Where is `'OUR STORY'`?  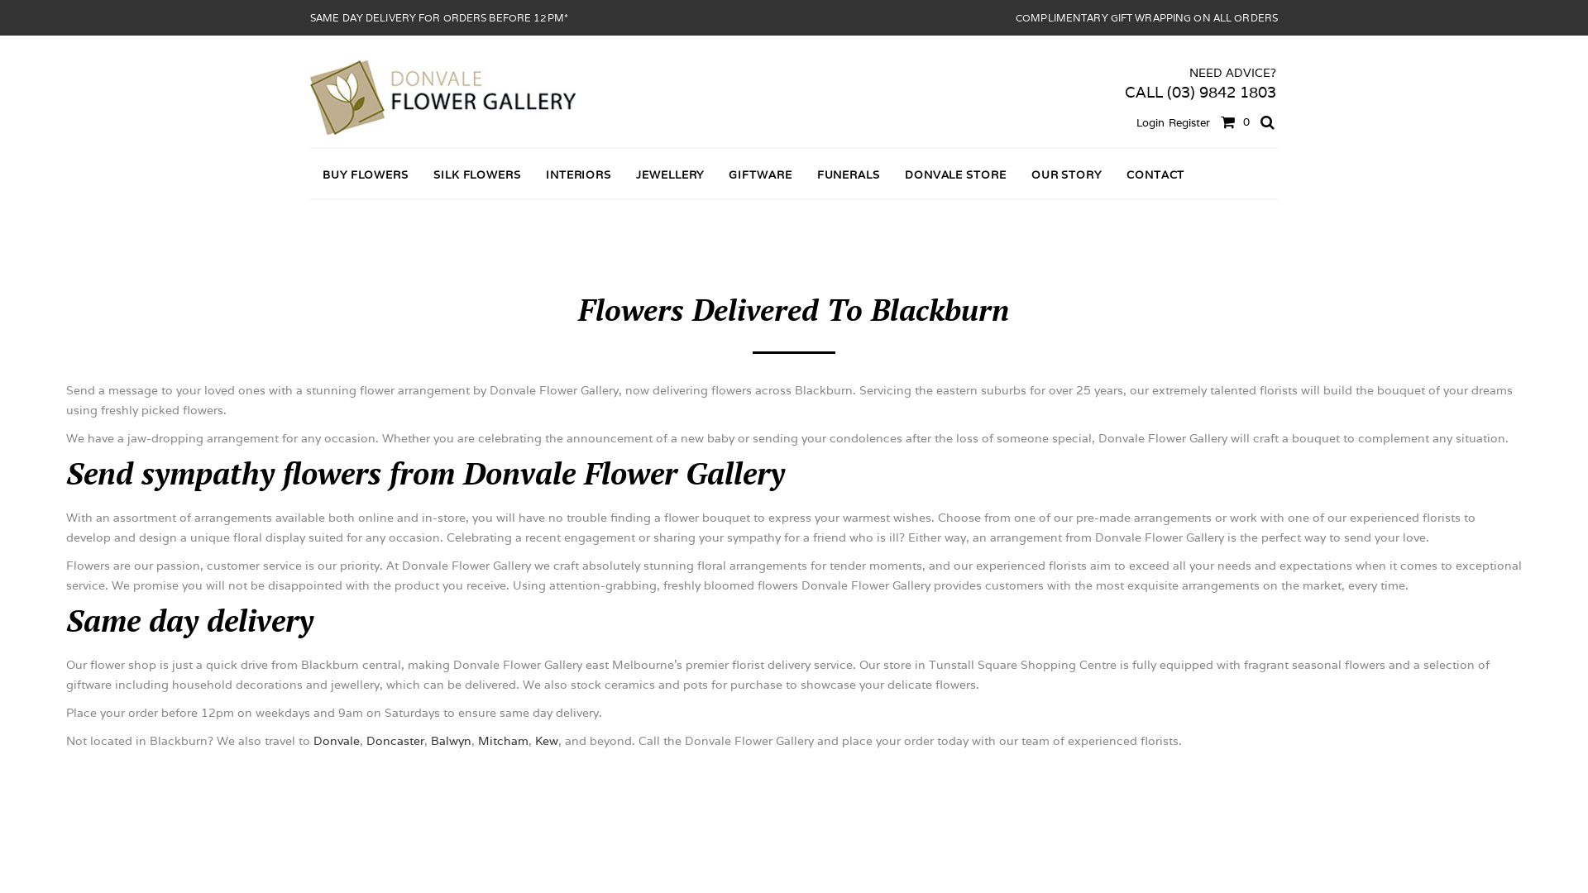 'OUR STORY' is located at coordinates (1066, 174).